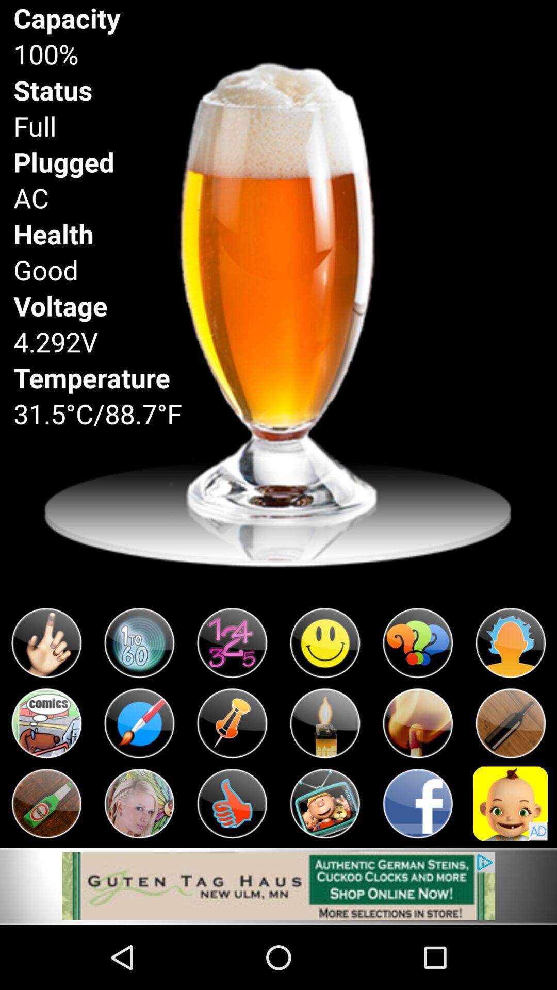  Describe the element at coordinates (278, 885) in the screenshot. I see `open advertisement` at that location.